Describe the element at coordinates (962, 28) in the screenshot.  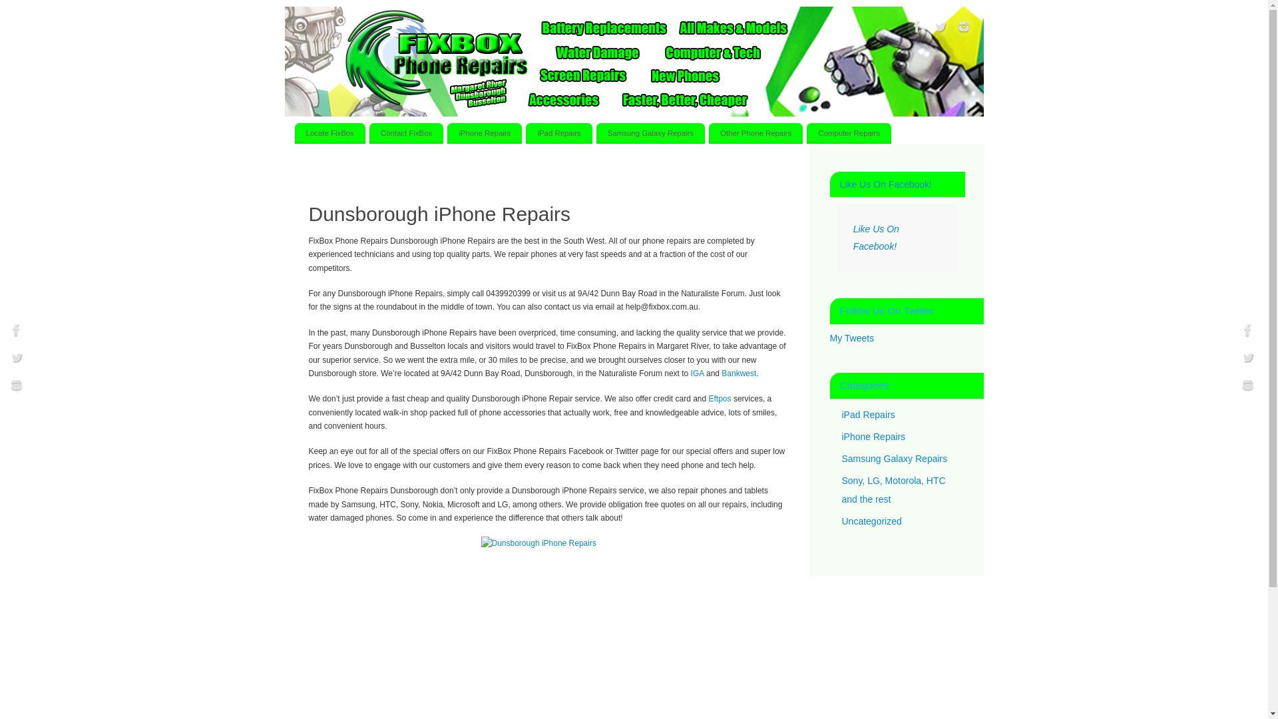
I see `'Instagram'` at that location.